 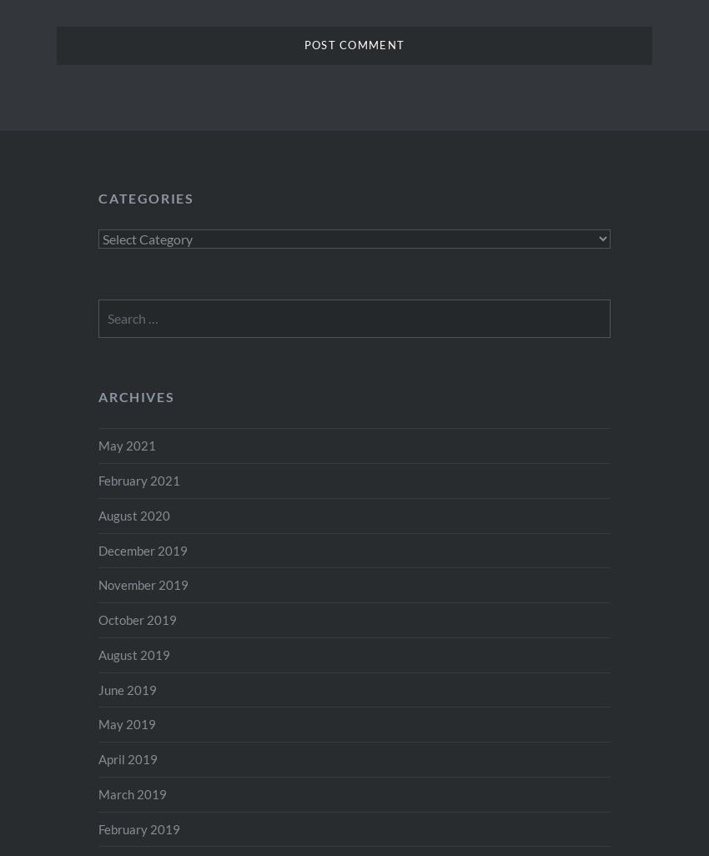 I want to click on 'Categories', so click(x=145, y=197).